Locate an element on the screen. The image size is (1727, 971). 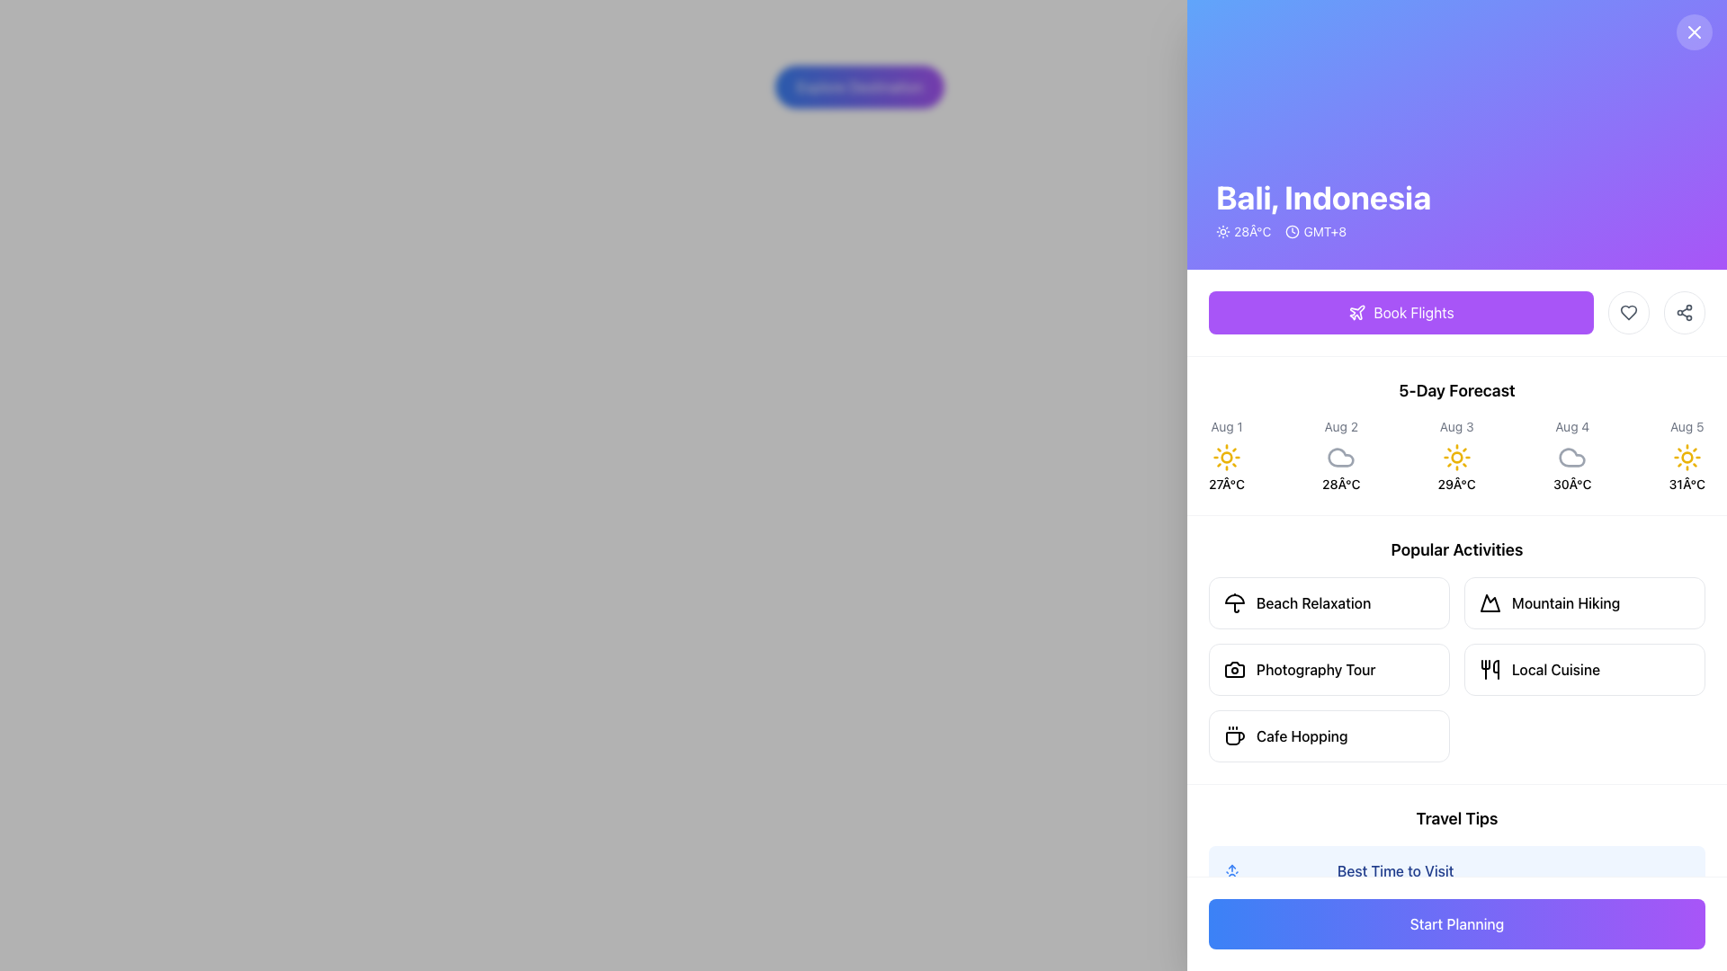
the sunny weather icon for the date 'Aug 3' in the five-day weather forecast section, located in the third column from the left is located at coordinates (1456, 457).